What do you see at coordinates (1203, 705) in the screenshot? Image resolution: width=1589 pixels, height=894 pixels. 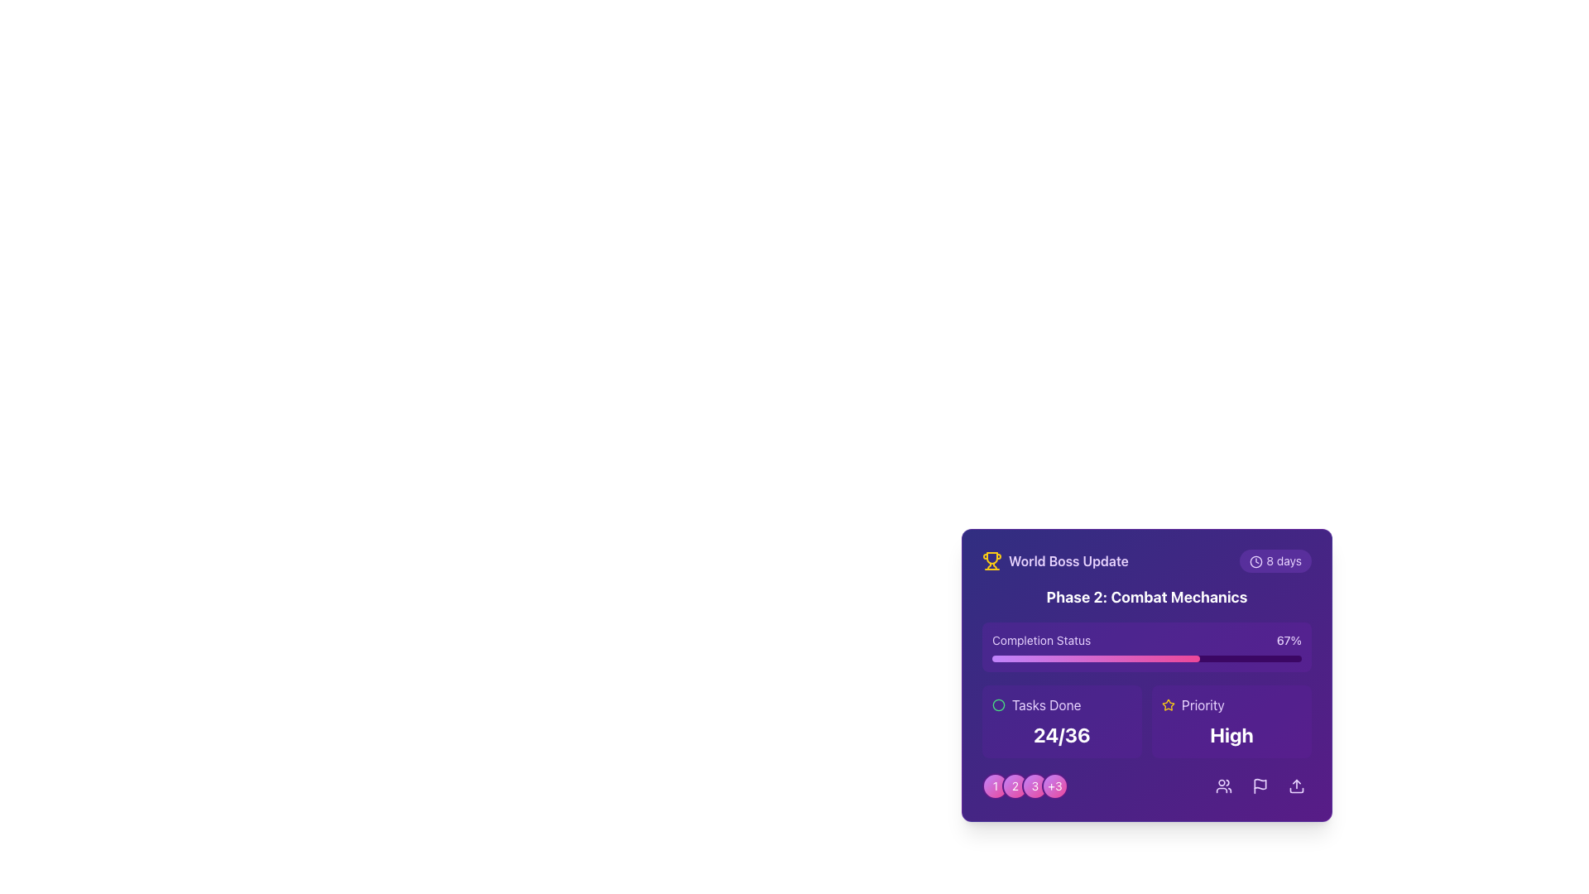 I see `the static text label displaying 'Priority' in purple, located at the lower portion of the card interface, adjacent to a yellow star icon` at bounding box center [1203, 705].